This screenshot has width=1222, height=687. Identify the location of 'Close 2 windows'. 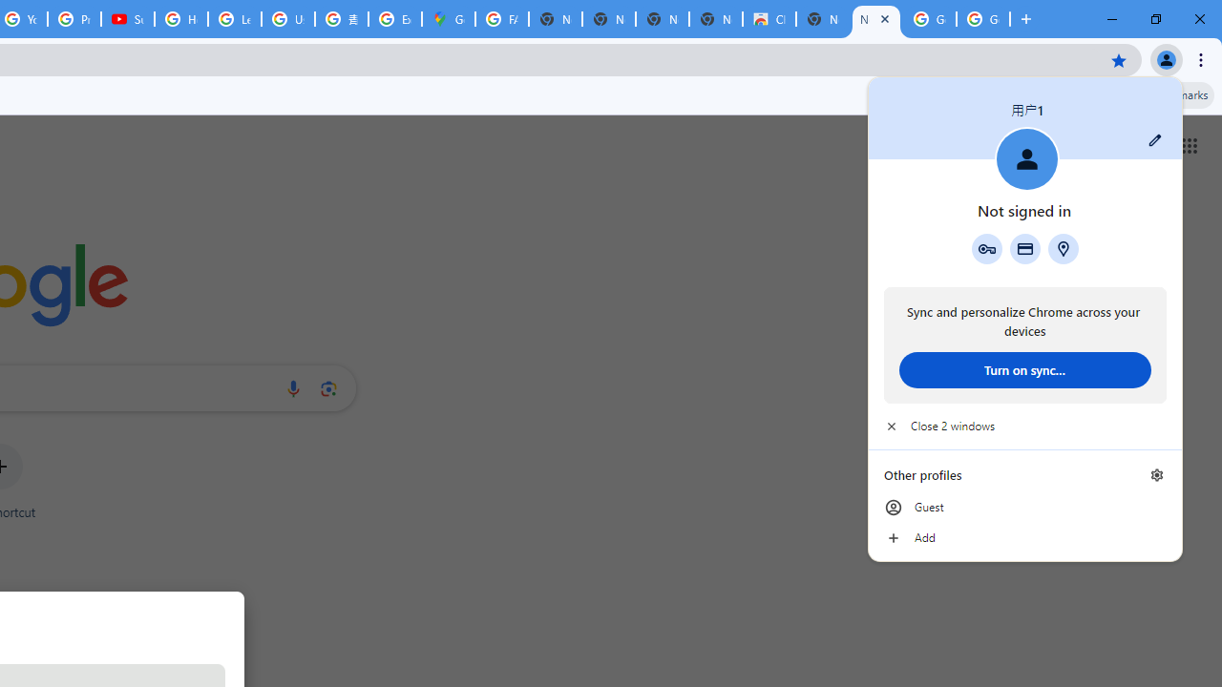
(1023, 426).